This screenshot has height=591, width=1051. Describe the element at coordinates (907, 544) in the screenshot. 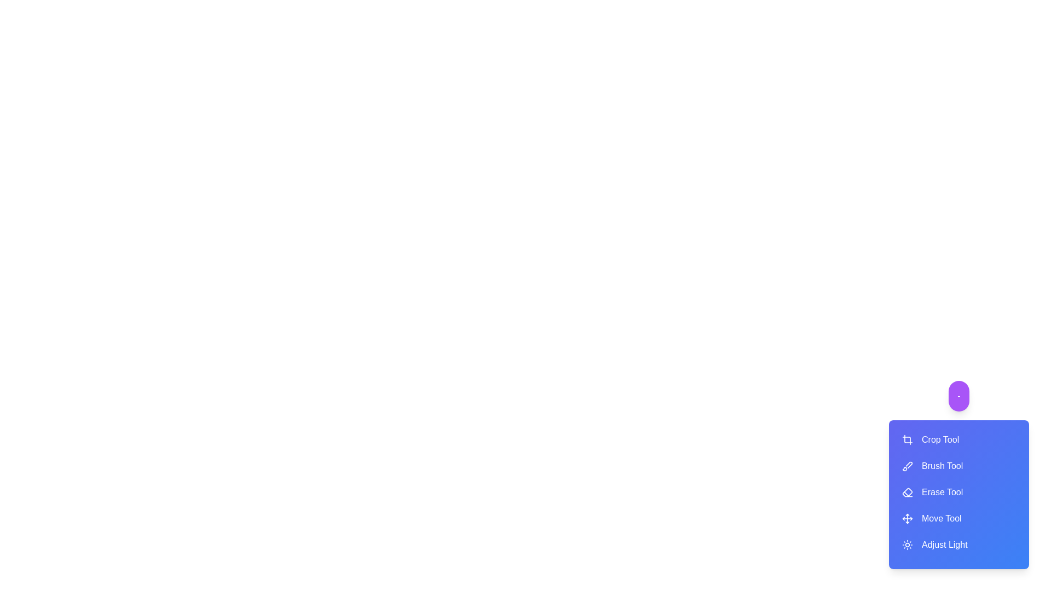

I see `the sun graphic icon that indicates brightness adjustment functionality, part of the 'Adjust Light' menu item` at that location.